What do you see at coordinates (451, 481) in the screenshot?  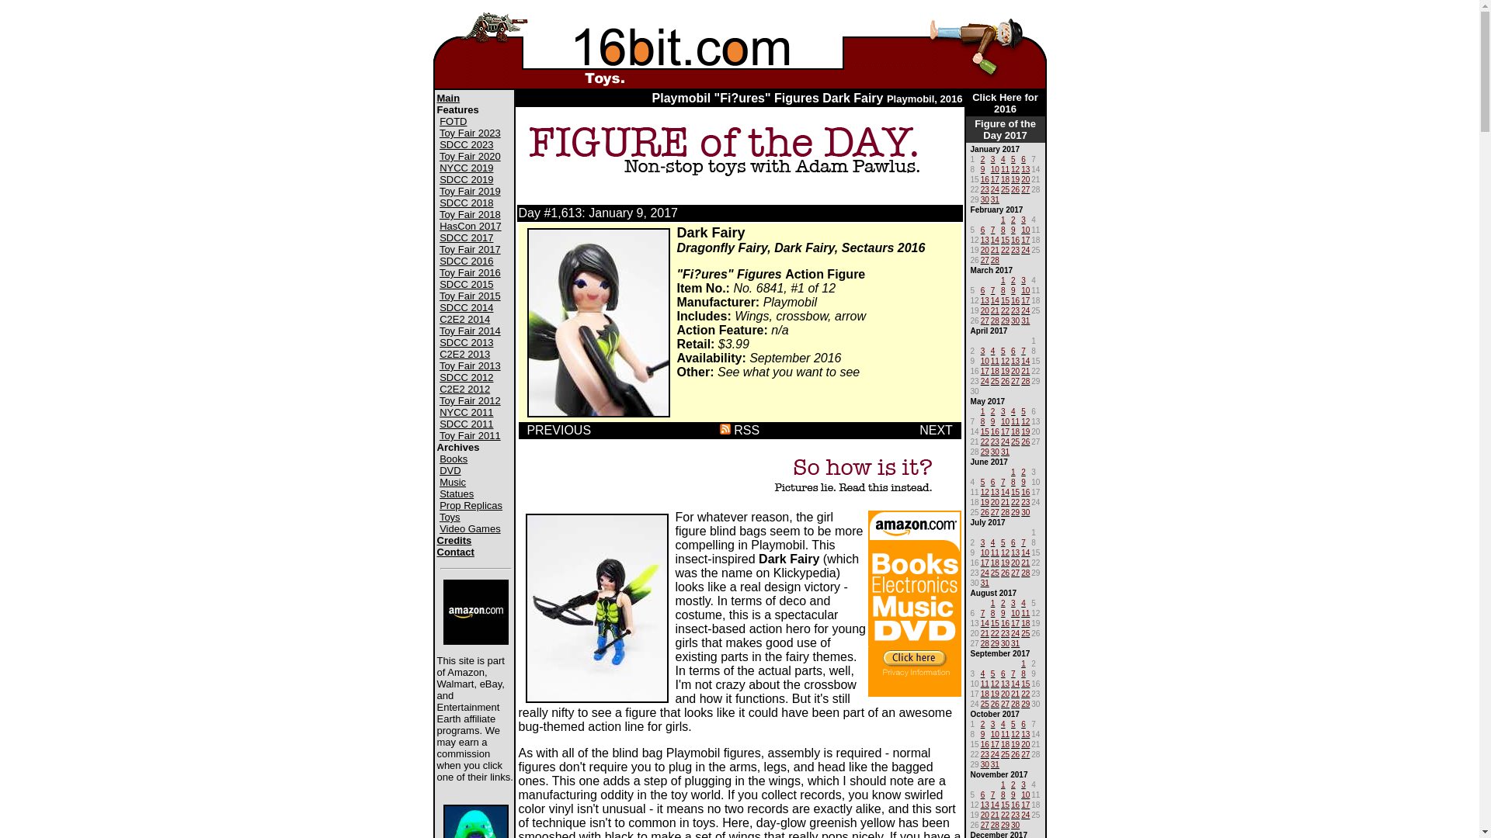 I see `'Music'` at bounding box center [451, 481].